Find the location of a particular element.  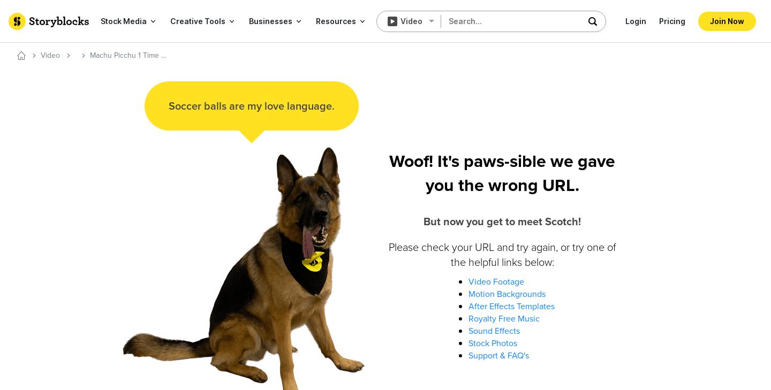

'Video Home' is located at coordinates (75, 60).